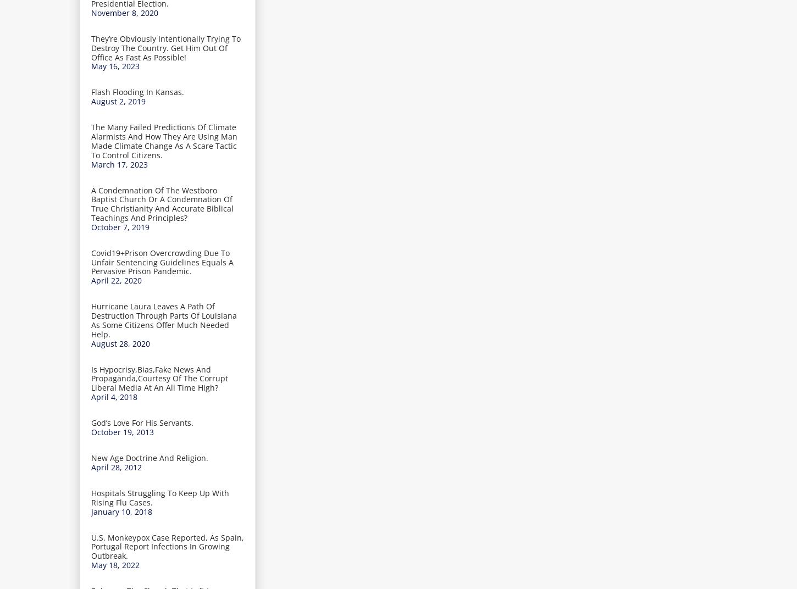 This screenshot has width=797, height=589. Describe the element at coordinates (159, 377) in the screenshot. I see `'Is Hypocrisy,Bias,Fake News And Propaganda,Courtesy Of The Corrupt Liberal Media At An All Time High?'` at that location.